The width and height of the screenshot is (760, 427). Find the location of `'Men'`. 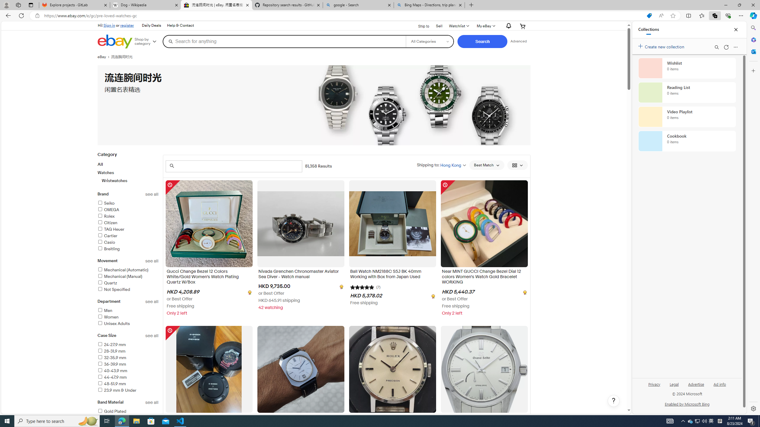

'Men' is located at coordinates (128, 311).